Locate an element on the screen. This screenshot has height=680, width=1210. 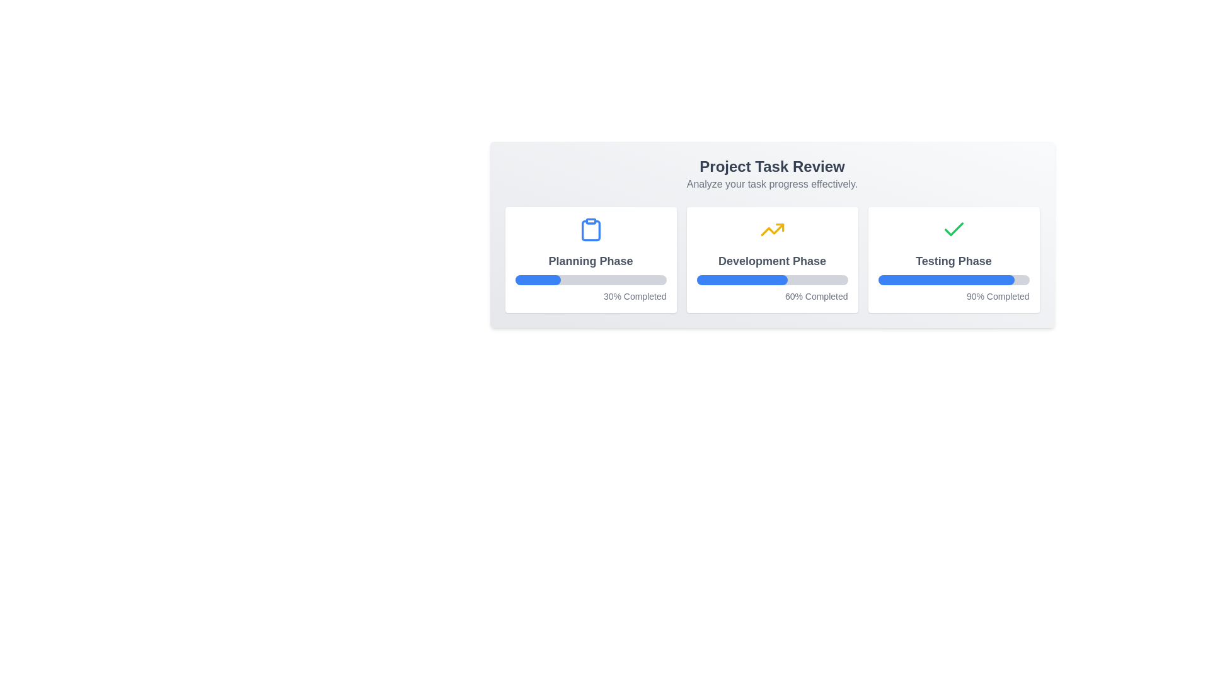
text displayed in the 'Testing Phase' section of the rightmost card in the project task review process is located at coordinates (954, 261).